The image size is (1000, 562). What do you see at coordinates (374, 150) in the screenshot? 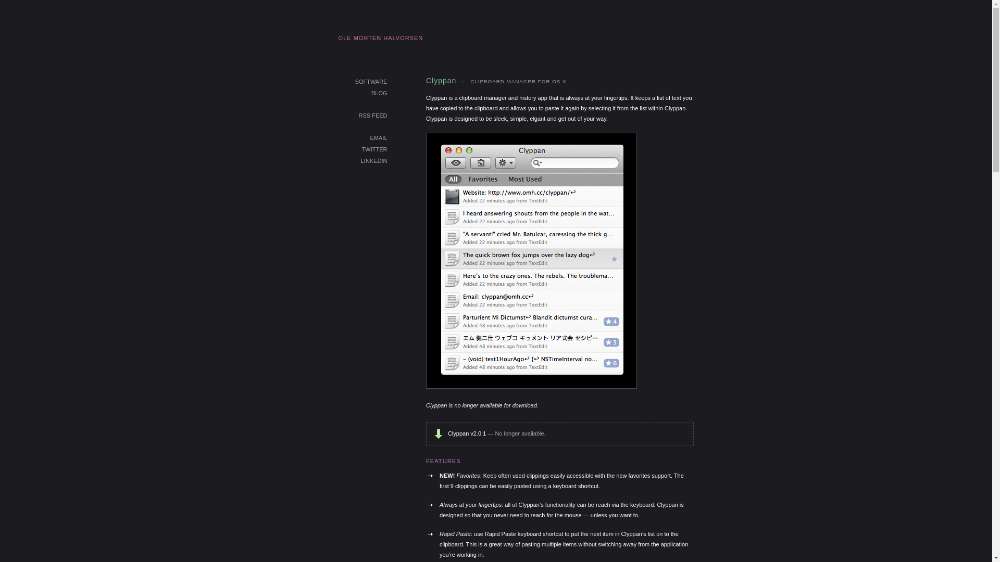
I see `'TWITTER'` at bounding box center [374, 150].